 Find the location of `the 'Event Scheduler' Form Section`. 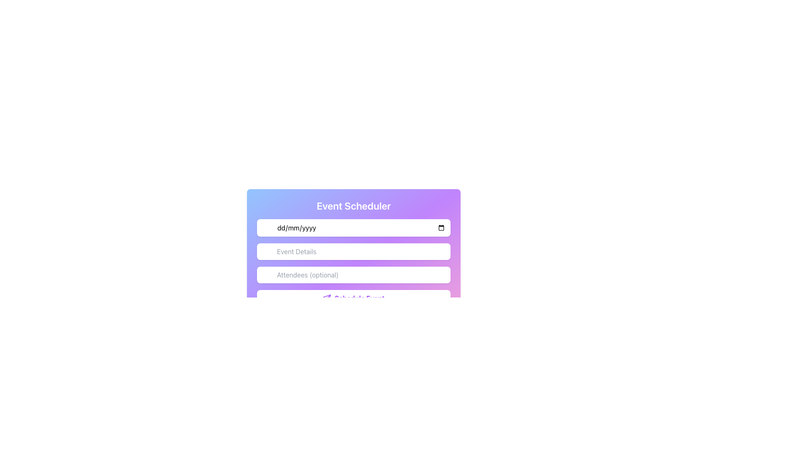

the 'Event Scheduler' Form Section is located at coordinates (354, 266).